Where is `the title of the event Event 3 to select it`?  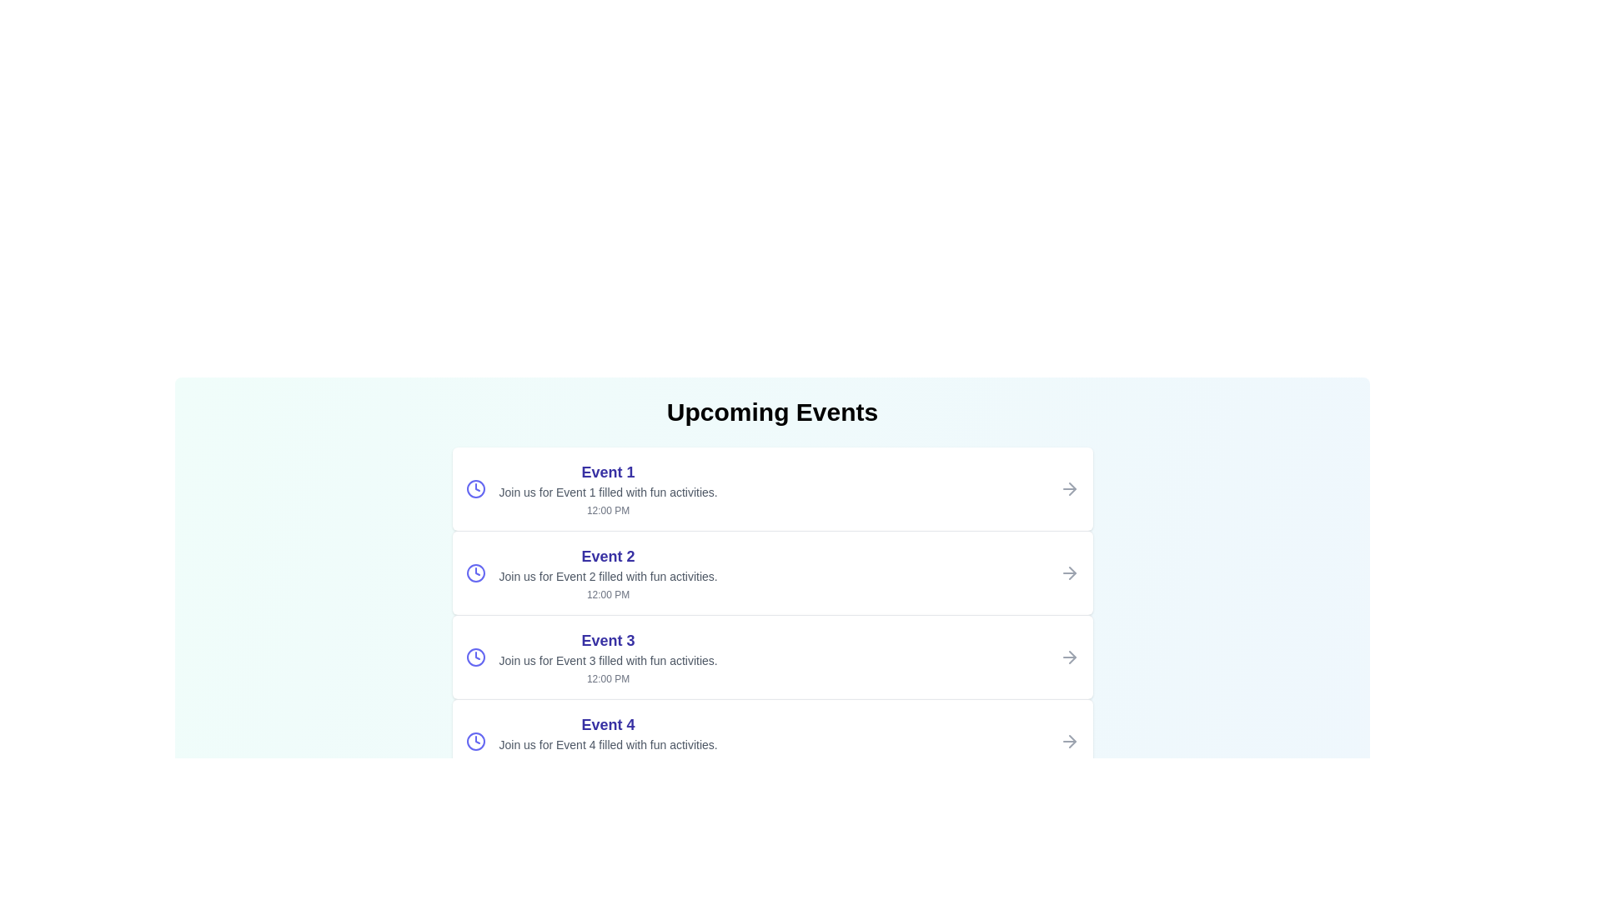
the title of the event Event 3 to select it is located at coordinates (607, 639).